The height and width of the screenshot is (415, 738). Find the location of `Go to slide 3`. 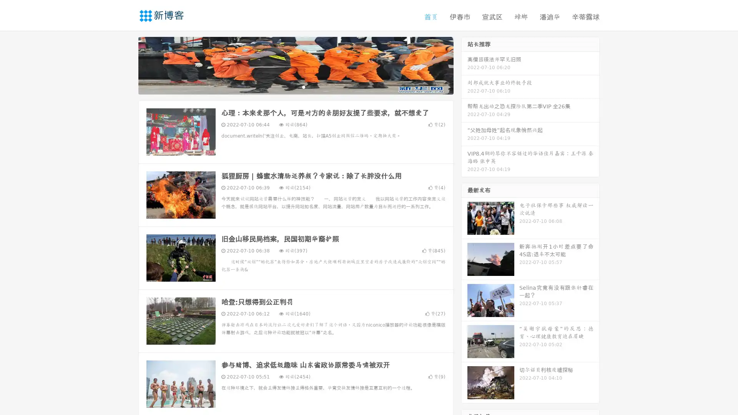

Go to slide 3 is located at coordinates (303, 86).